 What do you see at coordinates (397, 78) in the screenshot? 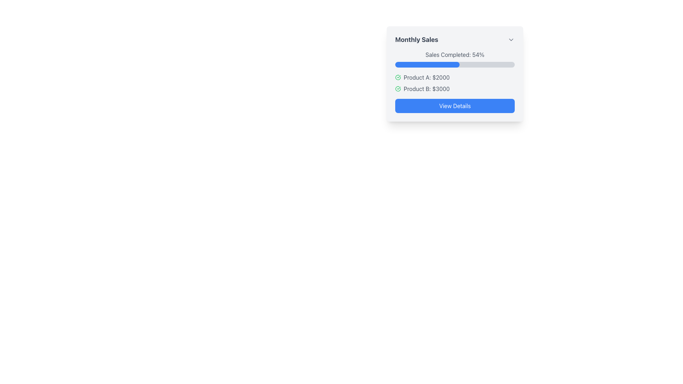
I see `the green circular Status indicator icon with a checkmark located to the left of the 'Product A: $2000' section` at bounding box center [397, 78].